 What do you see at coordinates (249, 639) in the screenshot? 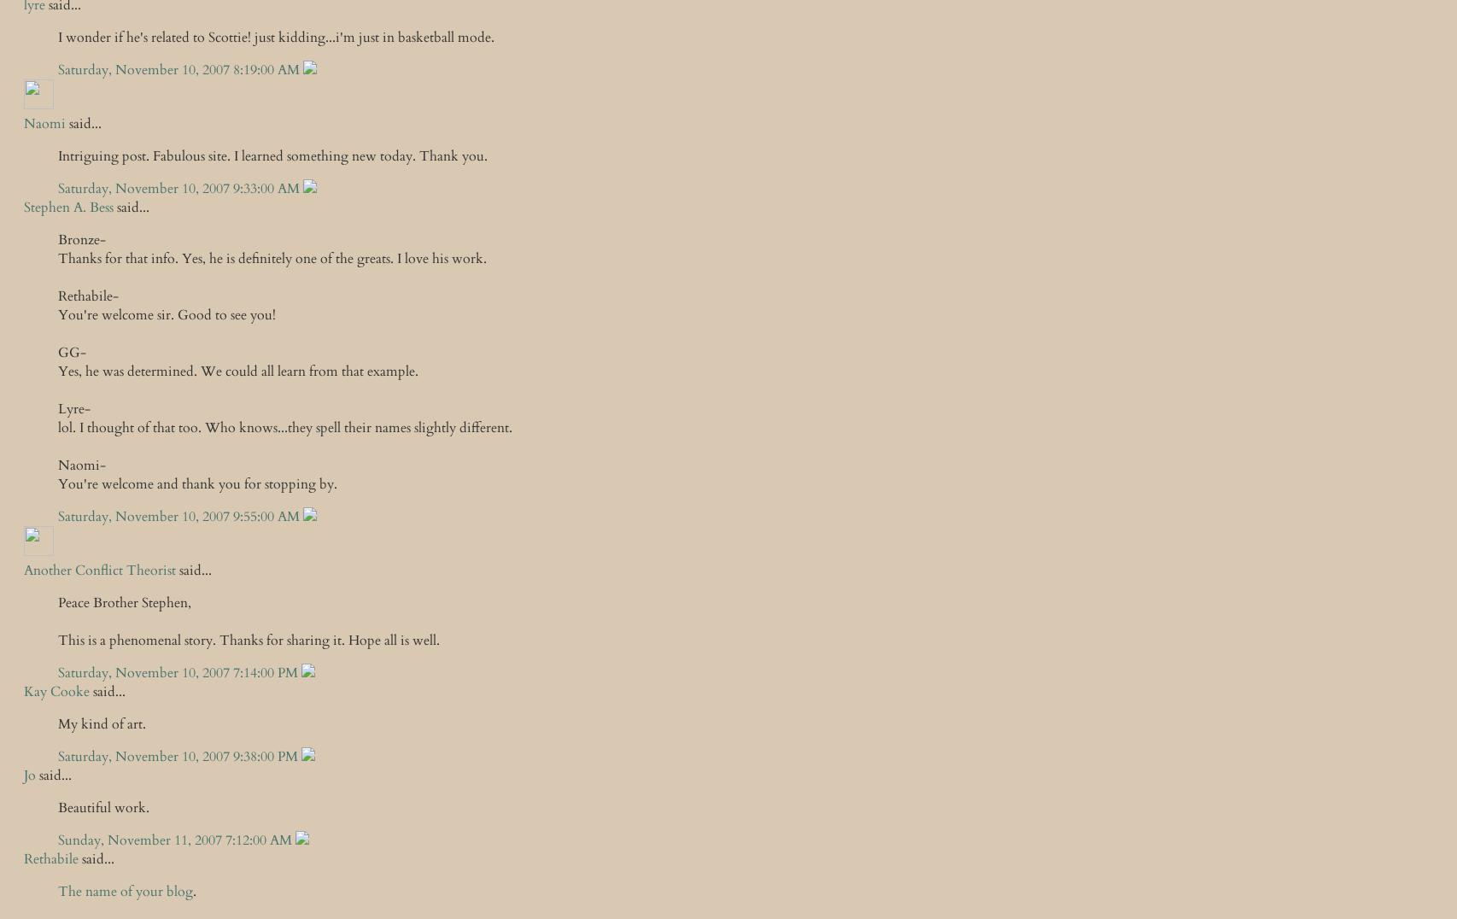
I see `'This is a phenomenal story.  Thanks for sharing it.  Hope all is well.'` at bounding box center [249, 639].